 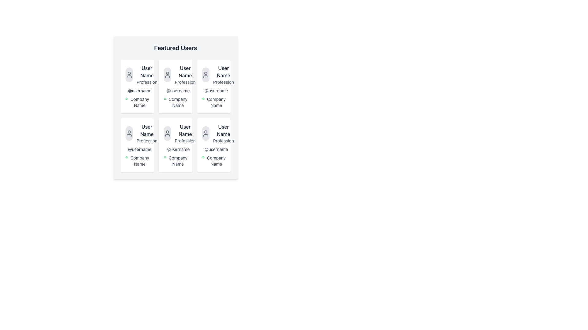 I want to click on the company affiliation icon located at the top-left corner of the 'Company Name' text in the bottom-left user profile card of the grid layout, so click(x=126, y=157).